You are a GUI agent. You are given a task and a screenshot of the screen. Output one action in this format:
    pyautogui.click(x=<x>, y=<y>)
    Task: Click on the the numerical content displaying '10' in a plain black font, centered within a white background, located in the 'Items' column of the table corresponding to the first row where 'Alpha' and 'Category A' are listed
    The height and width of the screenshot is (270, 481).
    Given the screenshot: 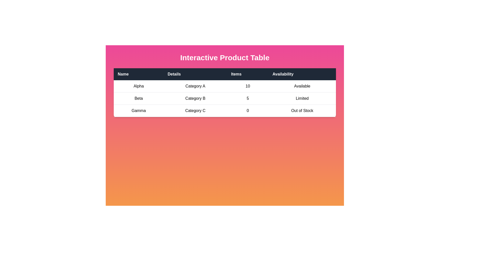 What is the action you would take?
    pyautogui.click(x=248, y=86)
    